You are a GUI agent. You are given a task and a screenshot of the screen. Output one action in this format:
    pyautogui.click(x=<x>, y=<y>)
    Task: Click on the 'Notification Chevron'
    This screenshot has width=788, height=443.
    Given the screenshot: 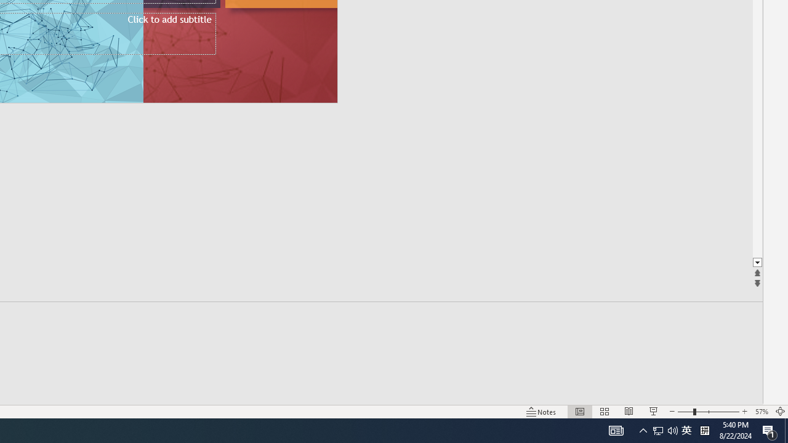 What is the action you would take?
    pyautogui.click(x=643, y=429)
    